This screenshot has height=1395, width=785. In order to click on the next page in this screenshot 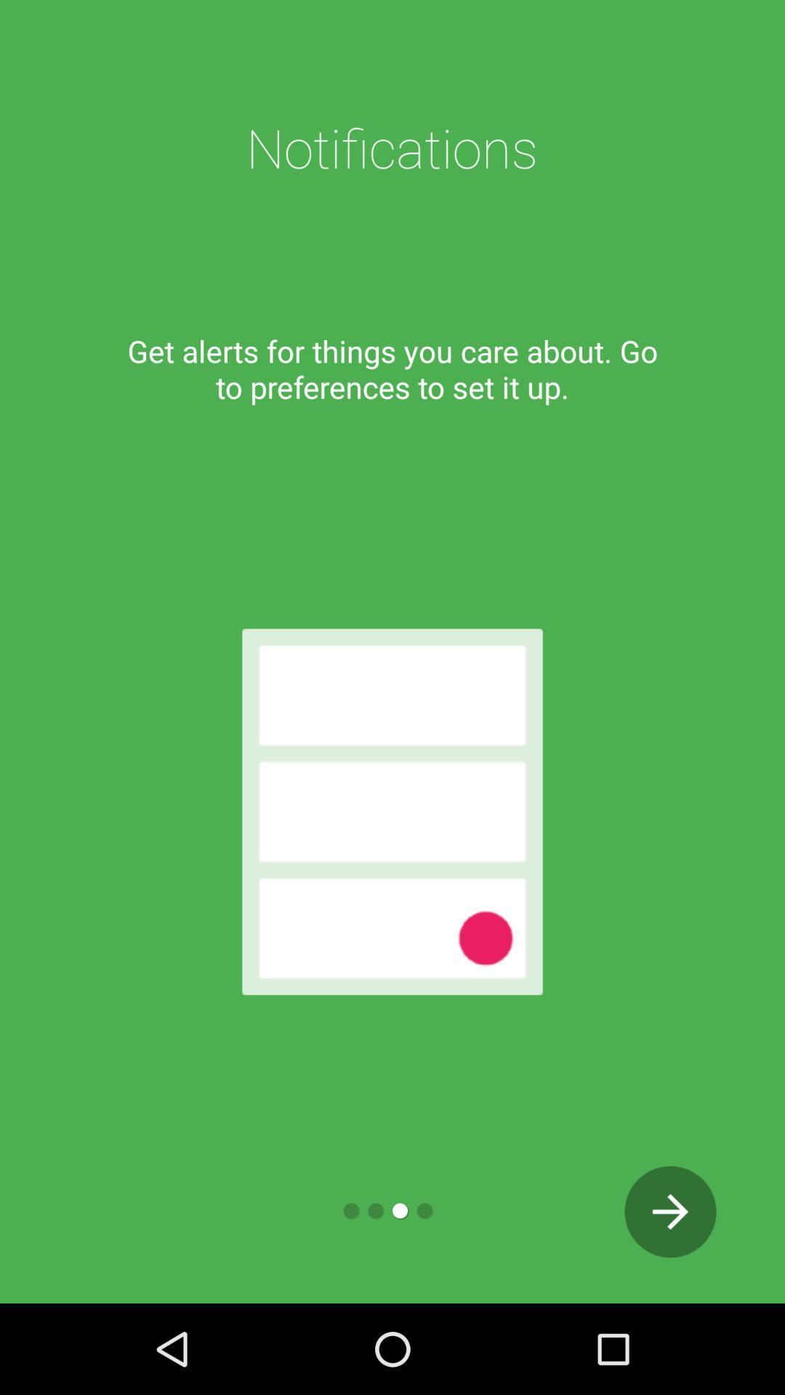, I will do `click(670, 1211)`.